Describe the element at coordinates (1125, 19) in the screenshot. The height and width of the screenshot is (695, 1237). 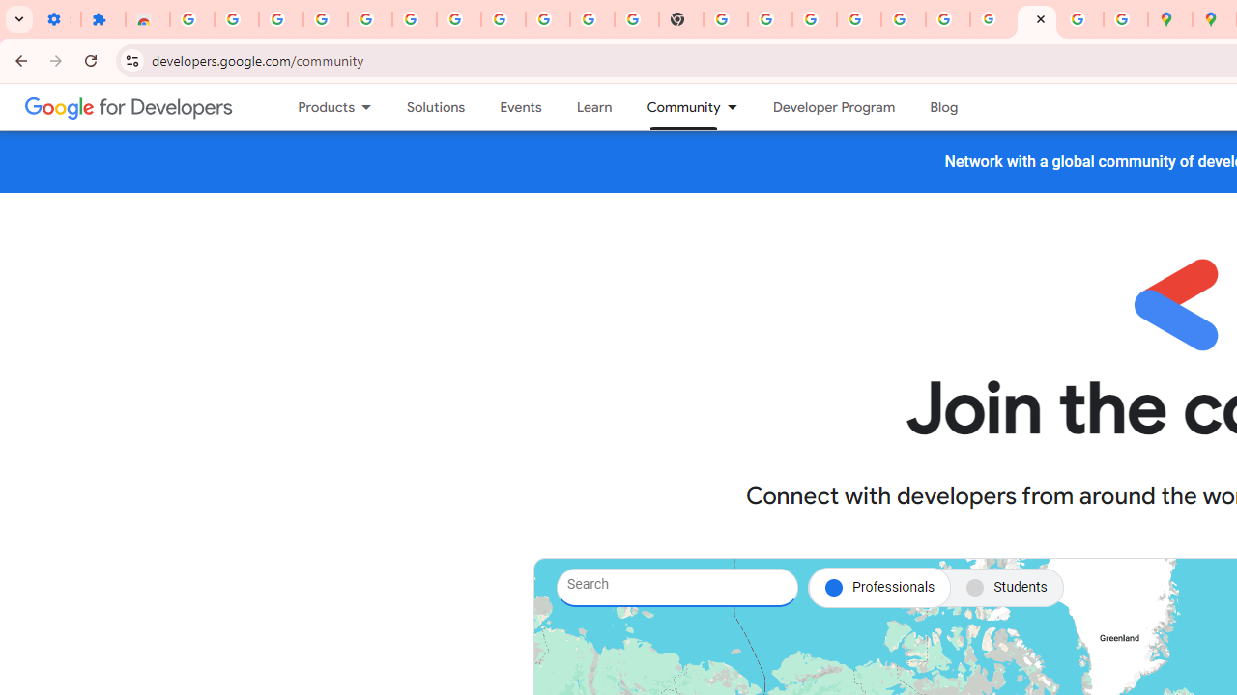
I see `'Safety in Our Products - Google Safety Center'` at that location.